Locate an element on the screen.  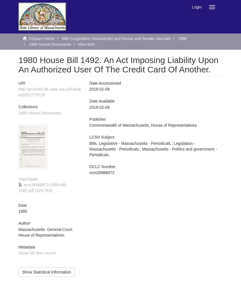
'Bills, Legislative - Massachusetts - Periodicals.; Legislation - Massachusetts - Periodicals.; Massachusetts - Politics and government - Periodicals.' is located at coordinates (89, 149).